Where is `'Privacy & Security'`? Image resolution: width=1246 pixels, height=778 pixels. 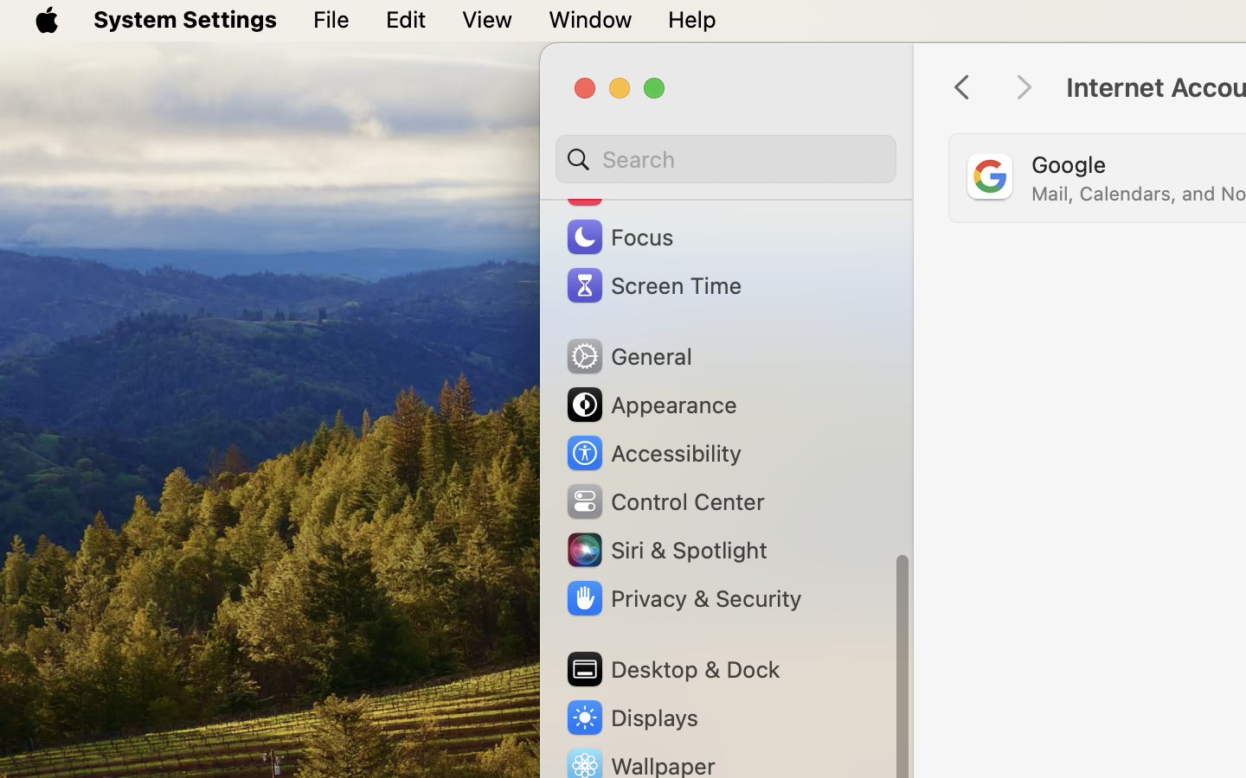 'Privacy & Security' is located at coordinates (682, 597).